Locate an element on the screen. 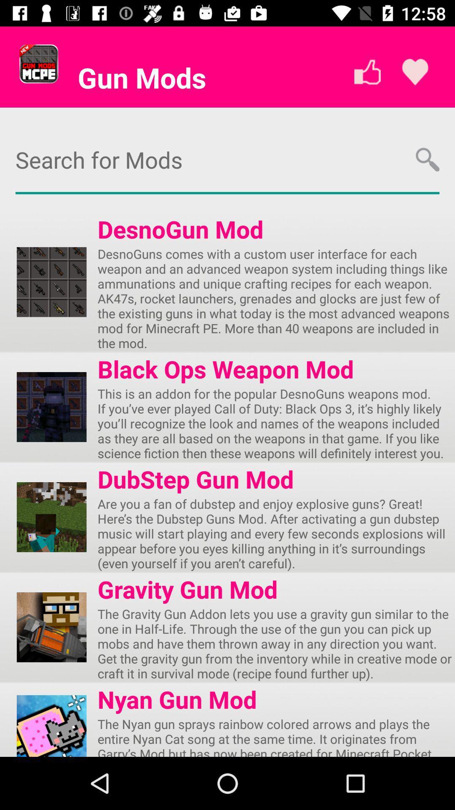 This screenshot has width=455, height=810. app below desnogun mod icon is located at coordinates (276, 298).